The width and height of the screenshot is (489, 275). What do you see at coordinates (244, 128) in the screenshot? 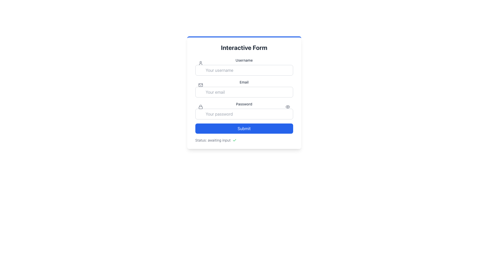
I see `the 'Submit' button, which is a rectangular button with a blue background and white text, located centrally below the 'Password' input field` at bounding box center [244, 128].